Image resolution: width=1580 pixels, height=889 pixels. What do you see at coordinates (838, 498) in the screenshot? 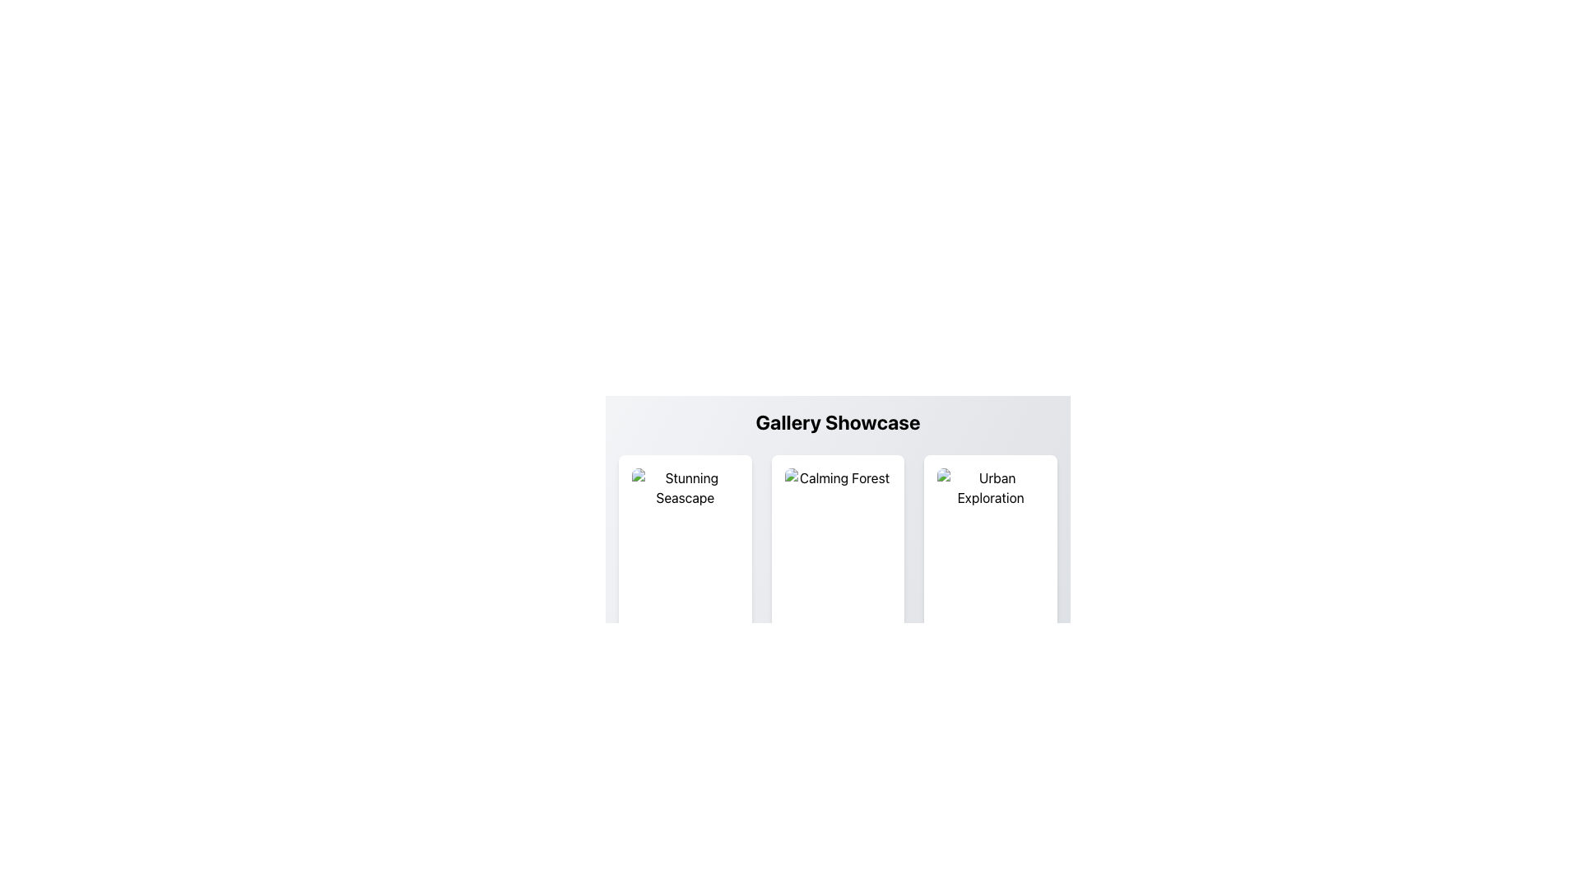
I see `the card titled 'Calming Forest', which contains an image placeholder above the title and a description below it, located in the Gallery Showcase` at bounding box center [838, 498].